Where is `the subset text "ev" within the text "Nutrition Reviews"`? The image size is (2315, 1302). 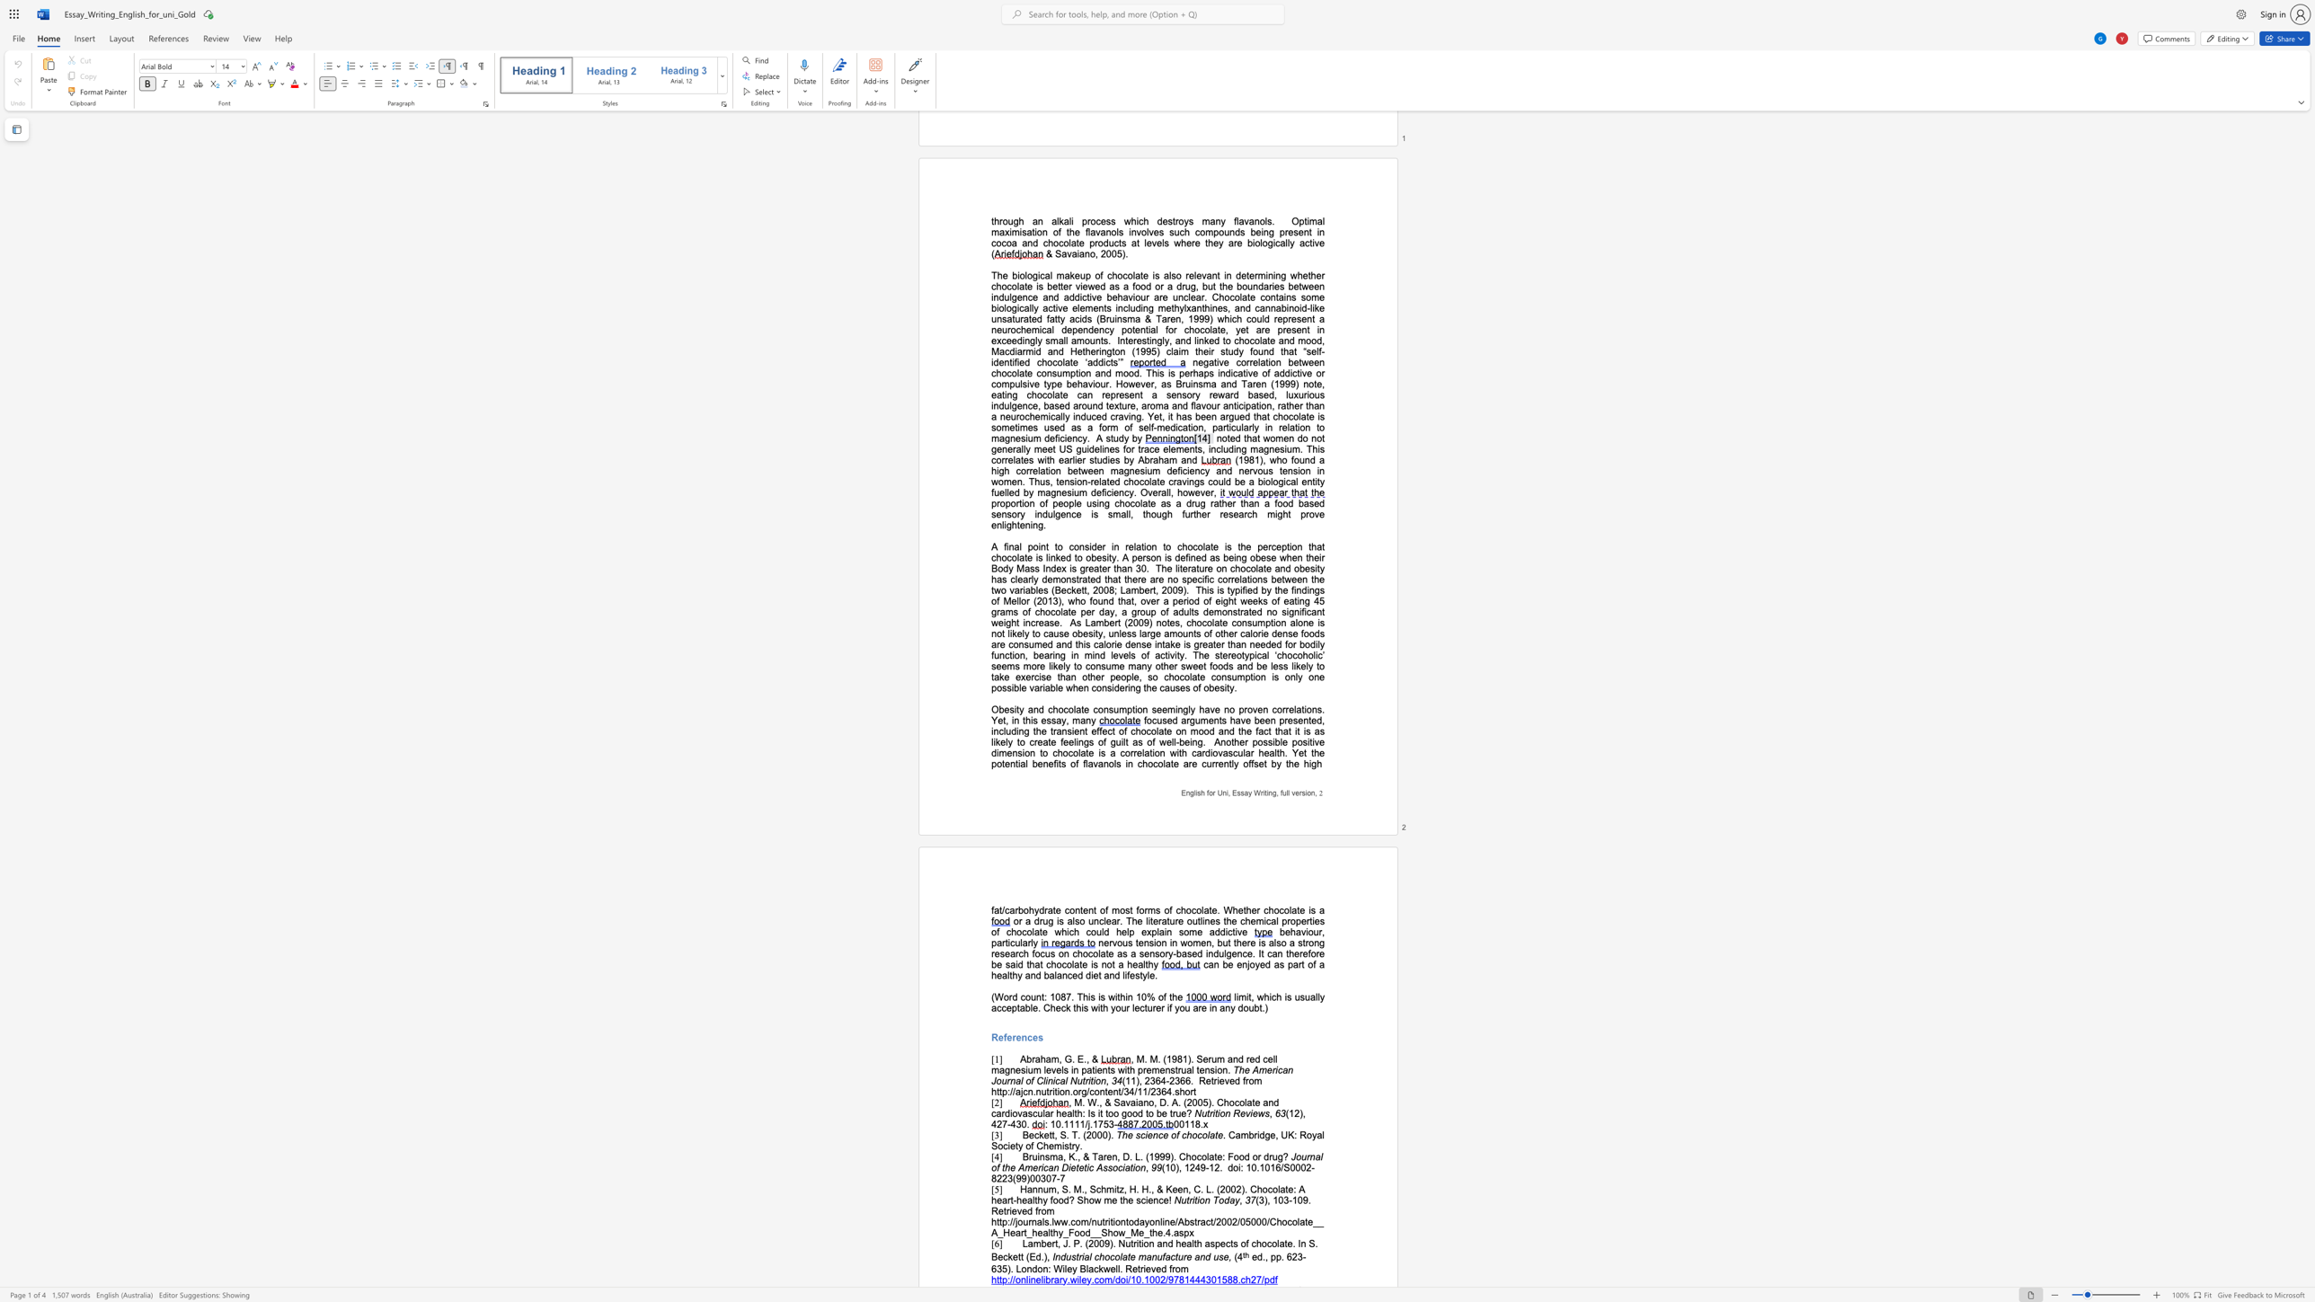 the subset text "ev" within the text "Nutrition Reviews" is located at coordinates (1239, 1112).